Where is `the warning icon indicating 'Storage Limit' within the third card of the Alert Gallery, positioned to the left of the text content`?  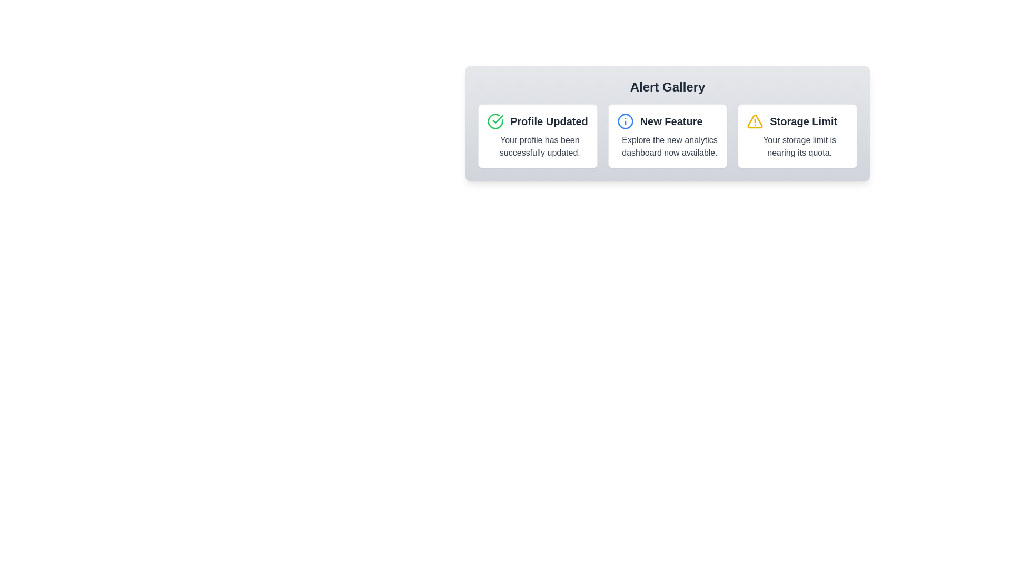
the warning icon indicating 'Storage Limit' within the third card of the Alert Gallery, positioned to the left of the text content is located at coordinates (755, 121).